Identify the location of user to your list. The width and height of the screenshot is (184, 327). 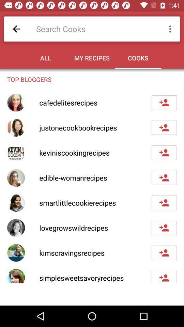
(164, 277).